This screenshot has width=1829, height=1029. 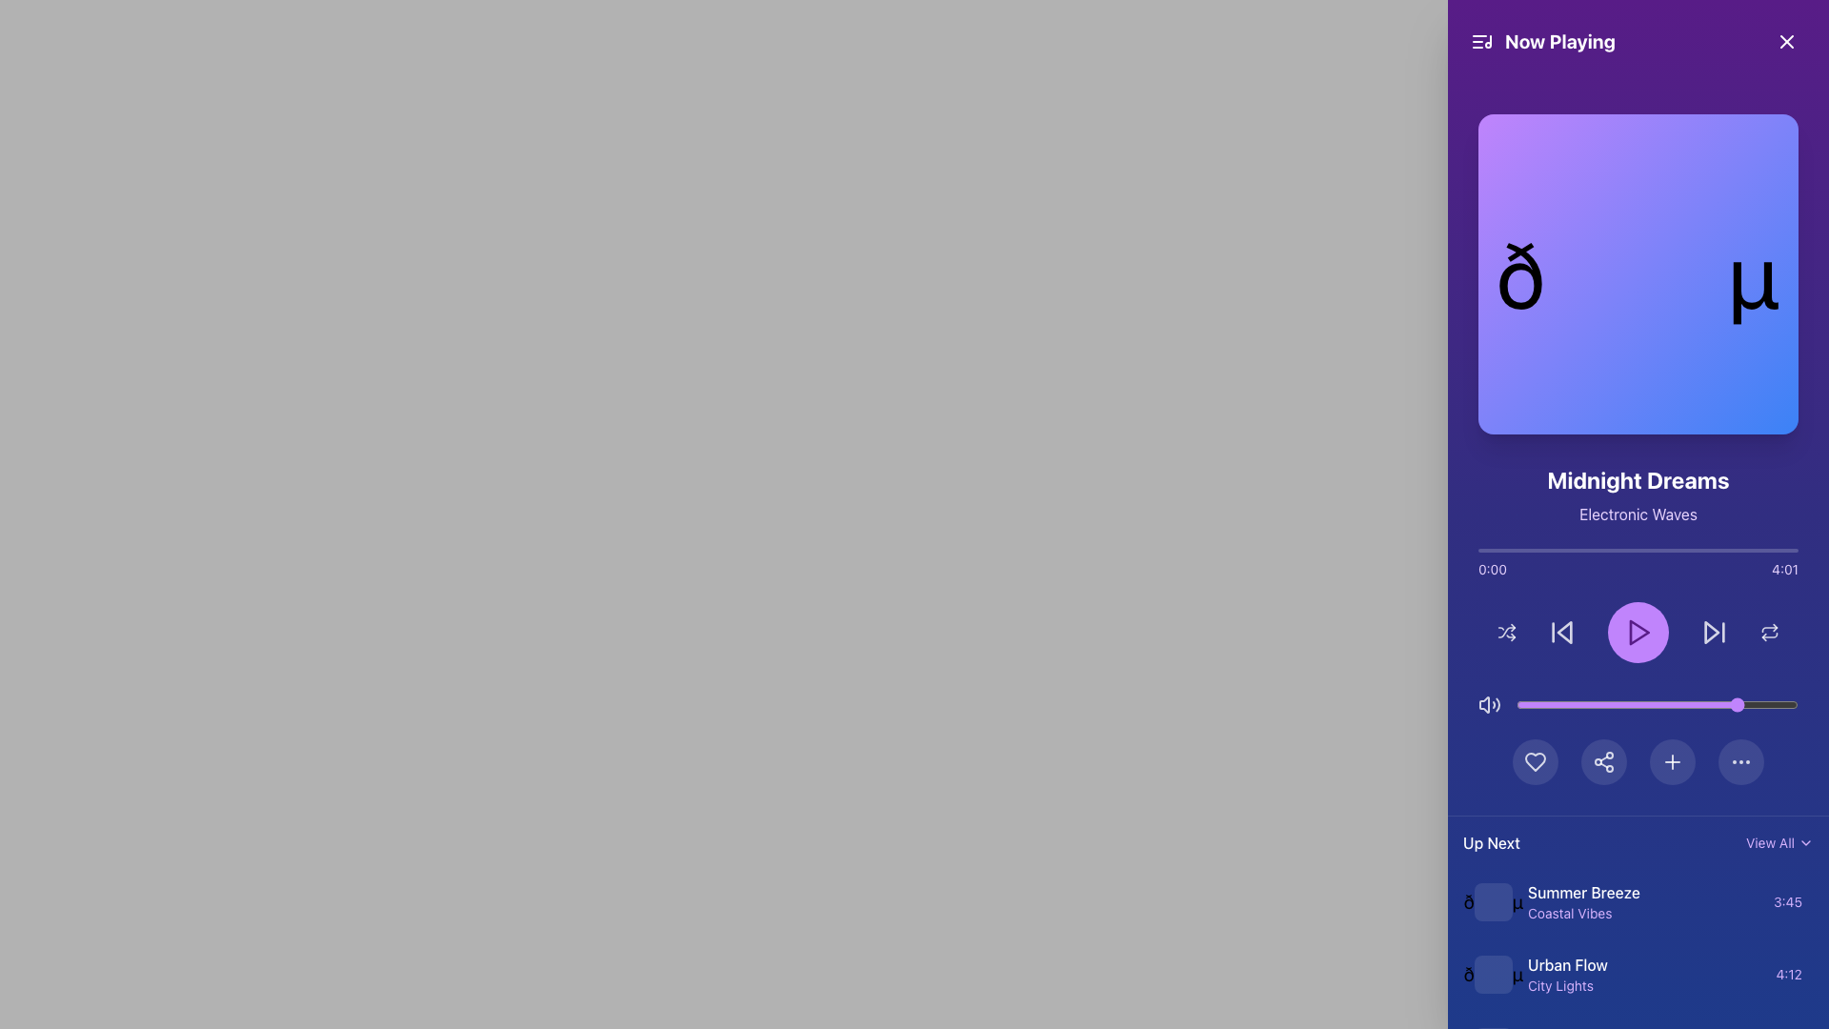 I want to click on the small icon resembling a list with musical notes, located beside the 'Now Playing' text, so click(x=1480, y=41).